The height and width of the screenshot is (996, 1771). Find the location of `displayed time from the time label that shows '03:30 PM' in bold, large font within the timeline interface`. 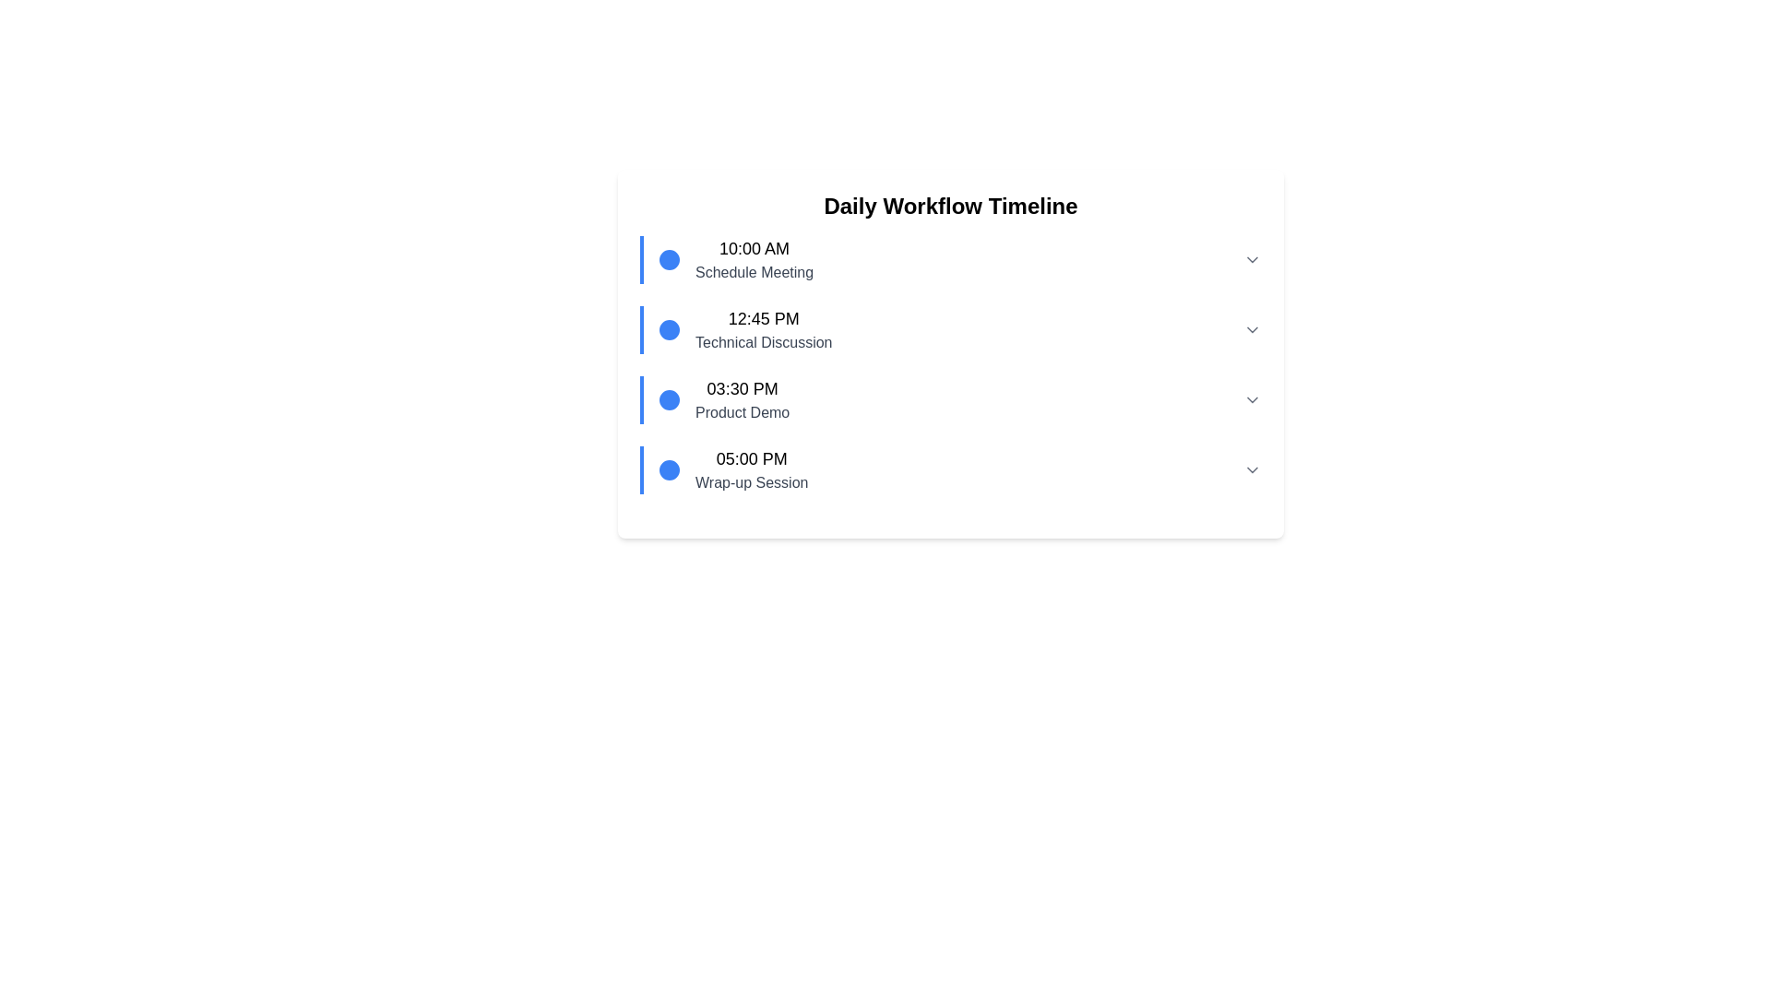

displayed time from the time label that shows '03:30 PM' in bold, large font within the timeline interface is located at coordinates (743, 387).